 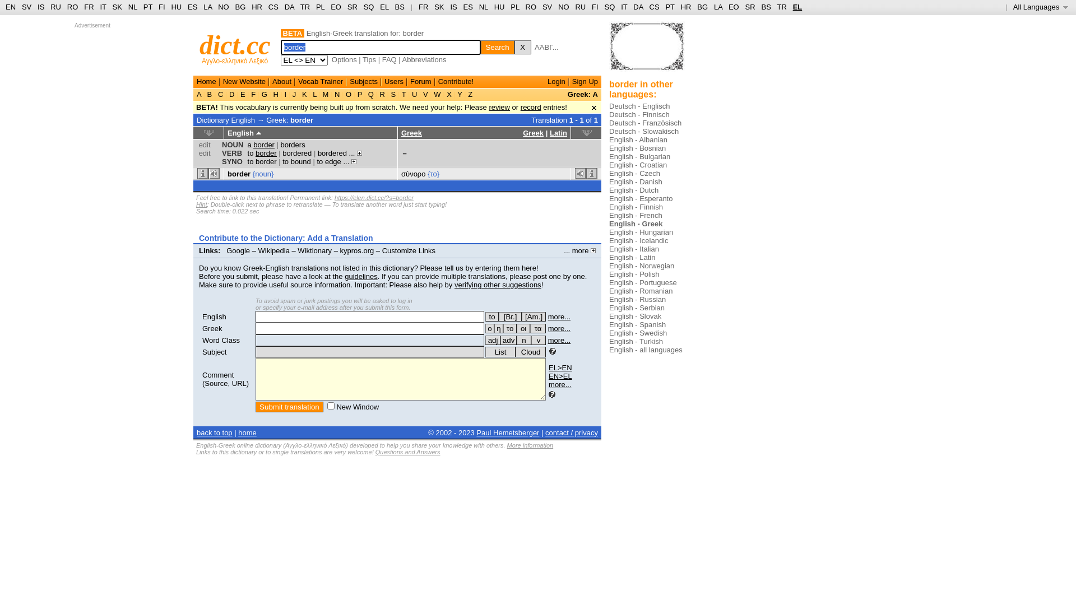 I want to click on 'Google', so click(x=238, y=250).